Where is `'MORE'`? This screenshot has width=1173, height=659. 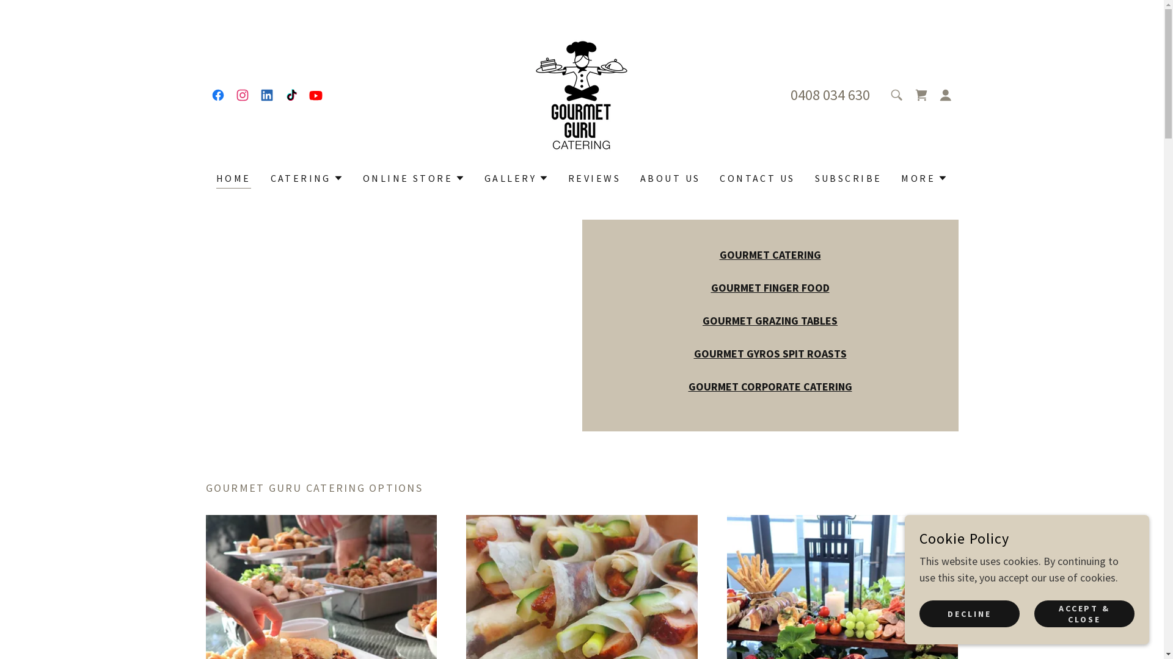
'MORE' is located at coordinates (924, 178).